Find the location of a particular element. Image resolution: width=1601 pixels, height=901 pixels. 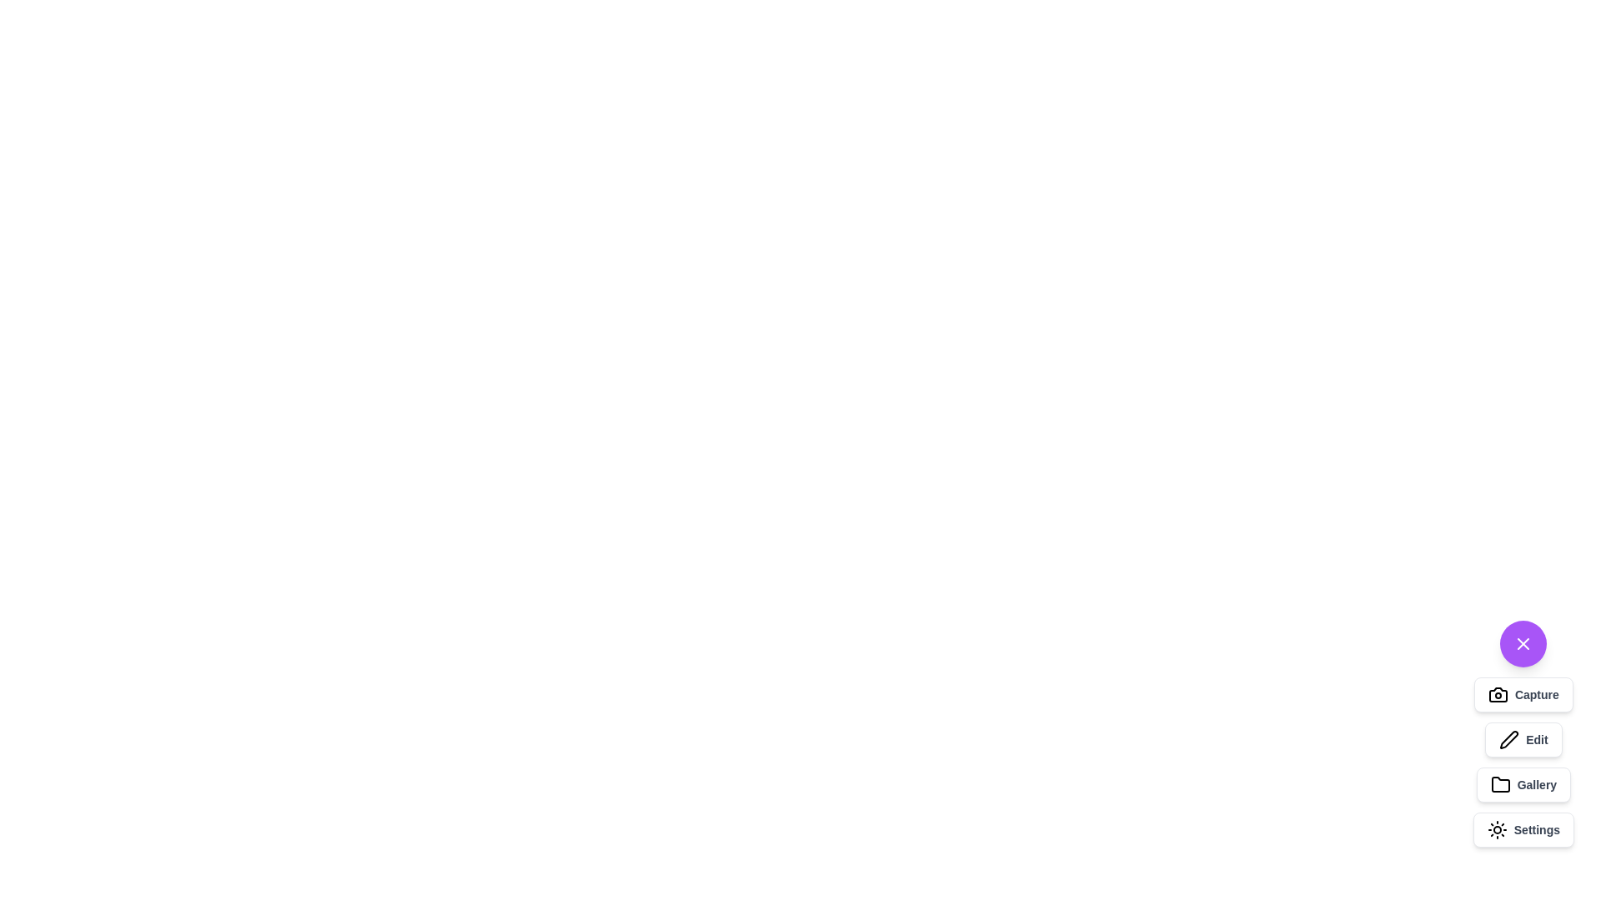

the toggle button to open or close the speed dial menu is located at coordinates (1523, 642).